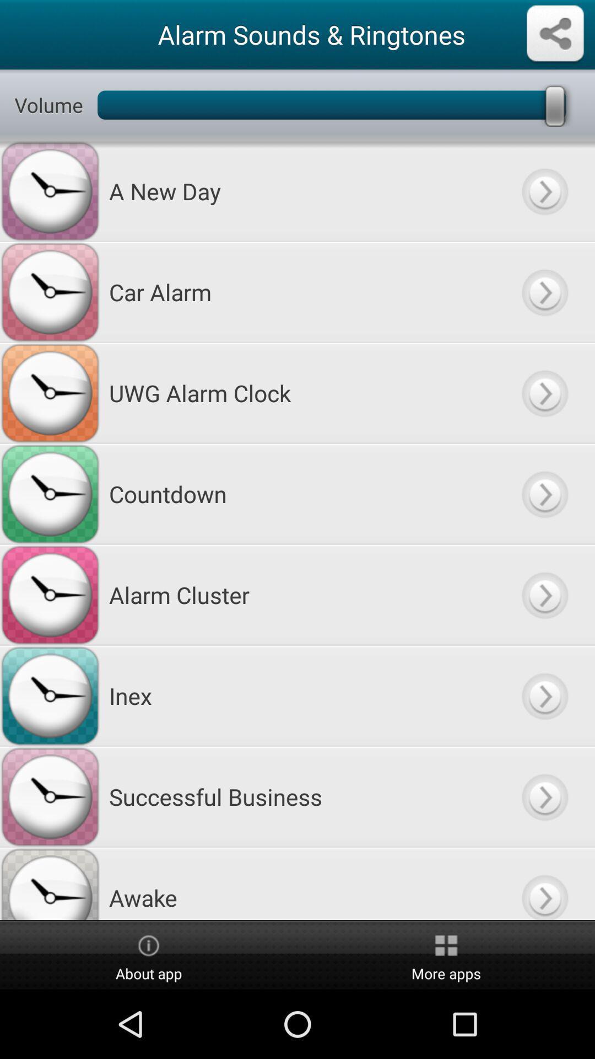  What do you see at coordinates (544, 493) in the screenshot?
I see `alarm tone` at bounding box center [544, 493].